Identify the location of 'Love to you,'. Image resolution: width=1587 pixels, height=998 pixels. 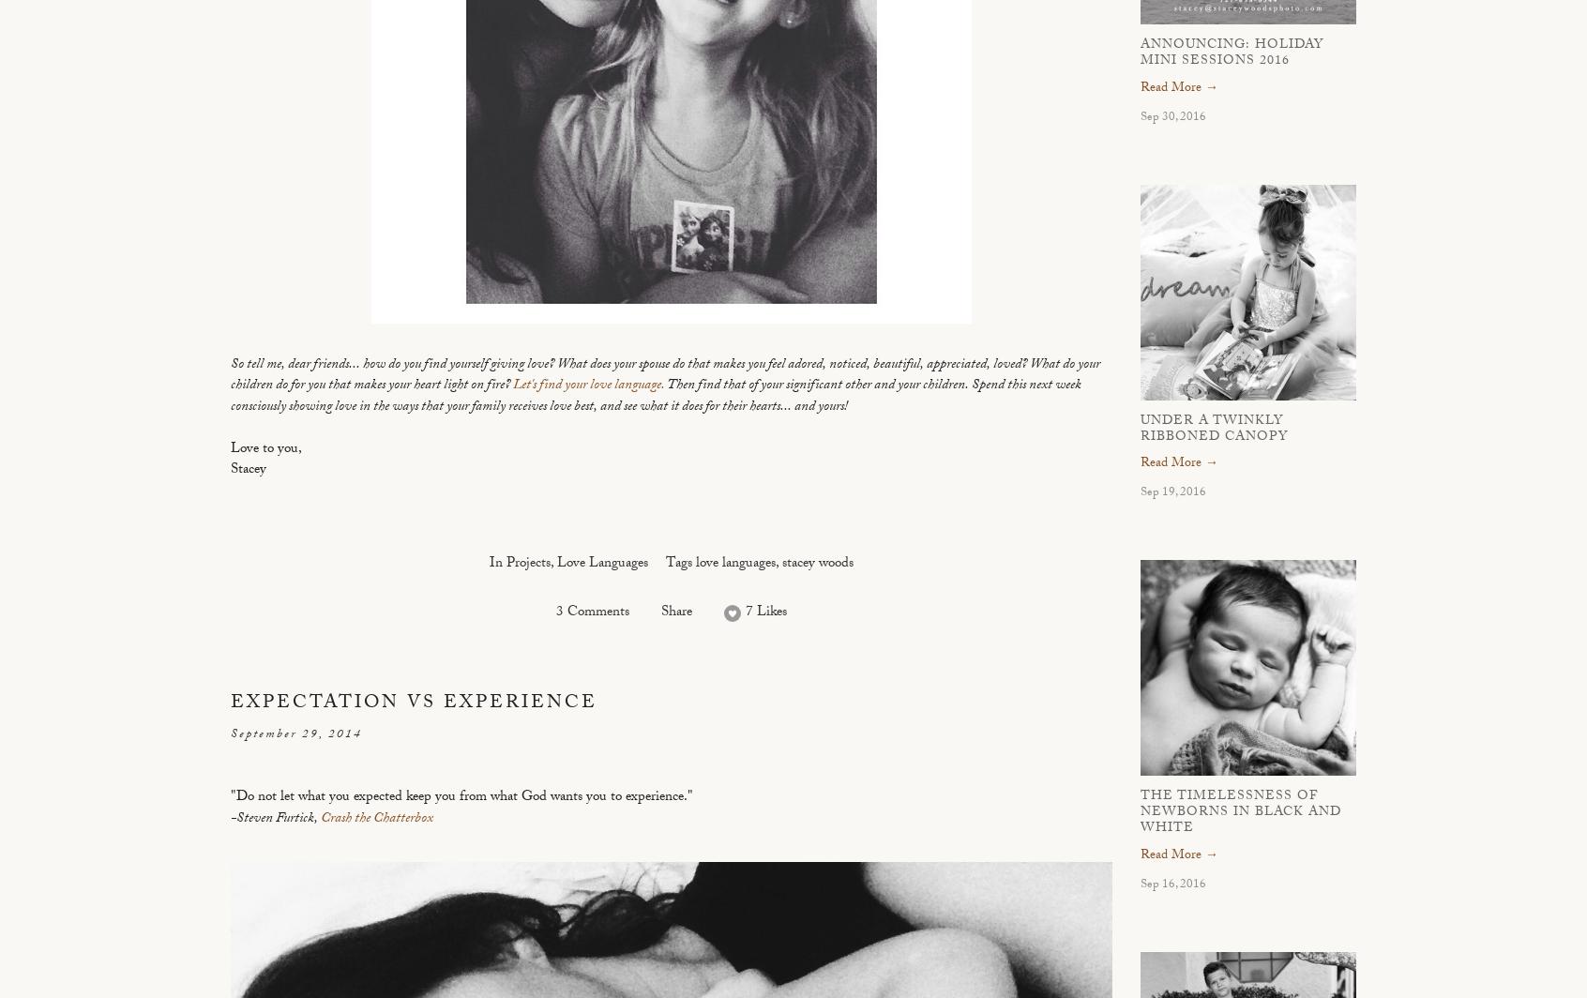
(264, 449).